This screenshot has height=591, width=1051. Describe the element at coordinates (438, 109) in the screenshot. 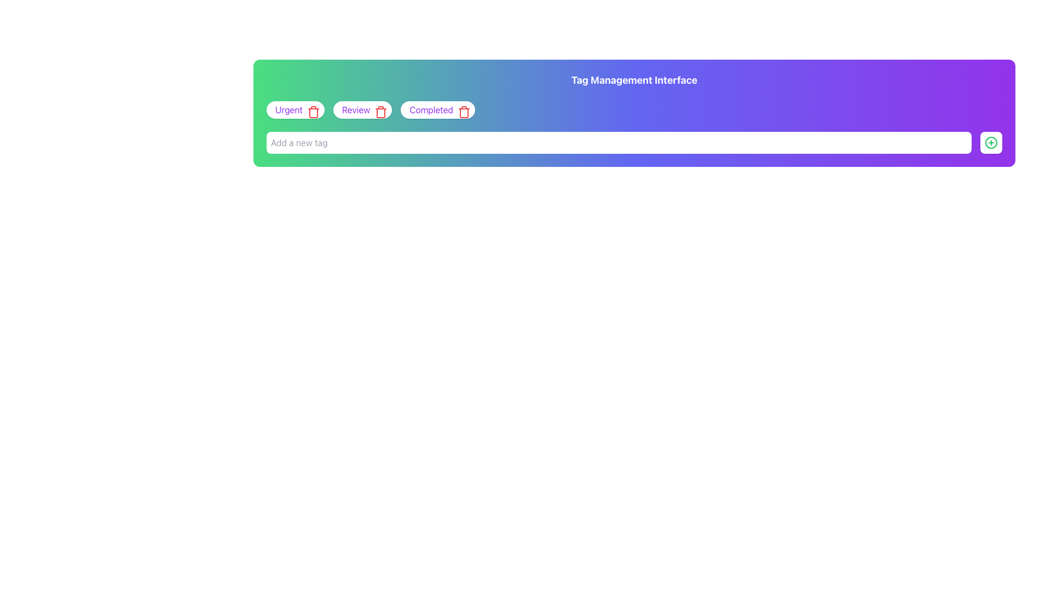

I see `the 'Completed' button with a trash icon` at that location.